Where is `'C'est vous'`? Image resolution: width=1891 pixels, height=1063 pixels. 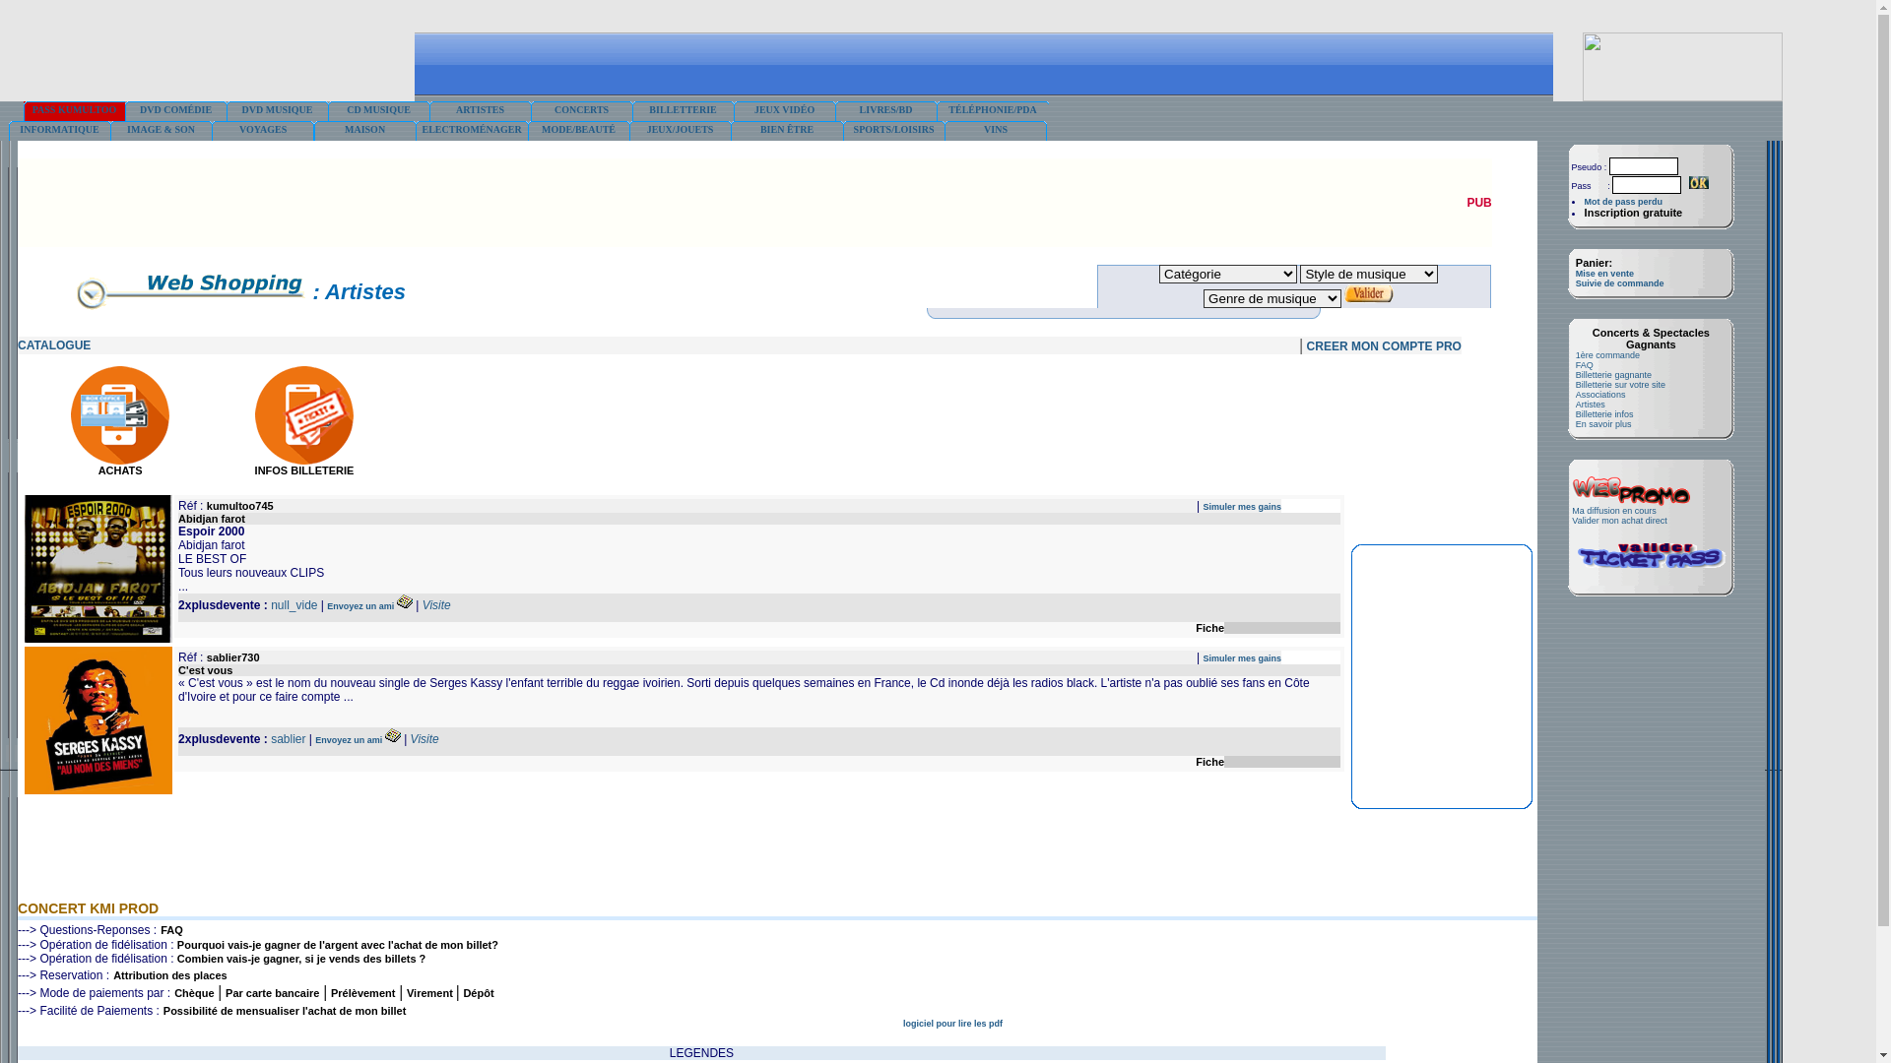 'C'est vous' is located at coordinates (205, 669).